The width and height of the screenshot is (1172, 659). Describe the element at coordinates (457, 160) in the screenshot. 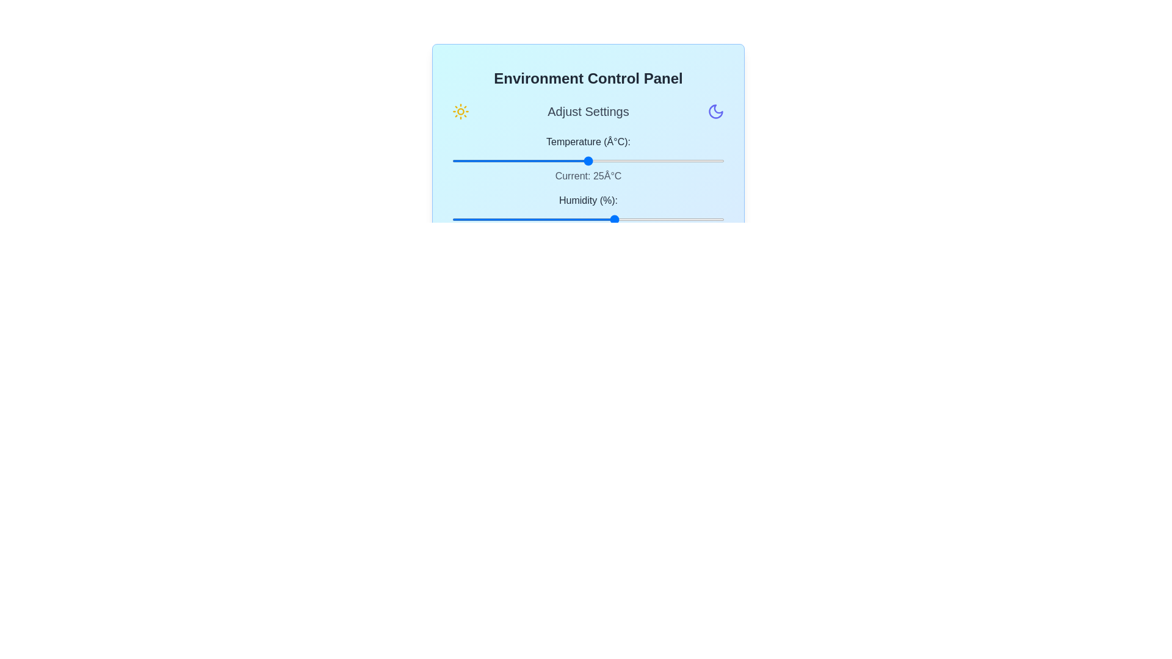

I see `the temperature slider to set the temperature to 1°C` at that location.